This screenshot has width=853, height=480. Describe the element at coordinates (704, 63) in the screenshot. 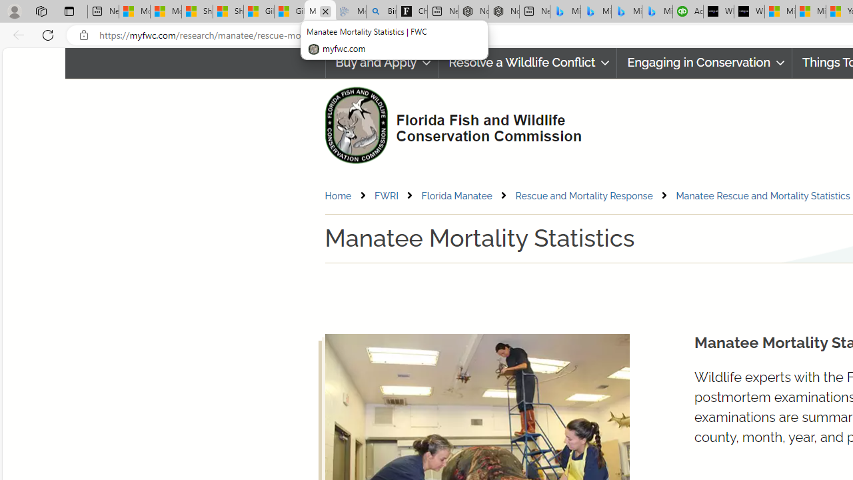

I see `'Engaging in Conservation'` at that location.